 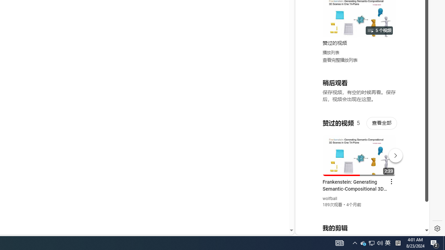 What do you see at coordinates (437, 228) in the screenshot?
I see `'Settings'` at bounding box center [437, 228].